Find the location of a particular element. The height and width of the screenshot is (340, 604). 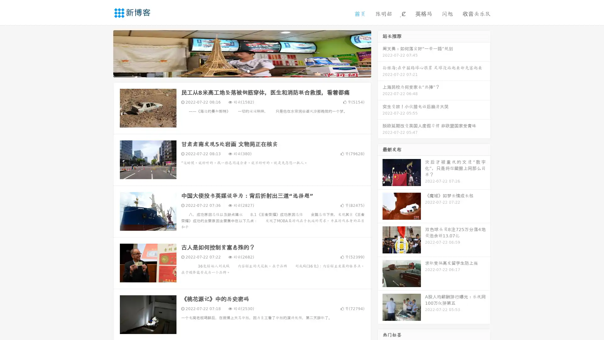

Go to slide 1 is located at coordinates (235, 71).